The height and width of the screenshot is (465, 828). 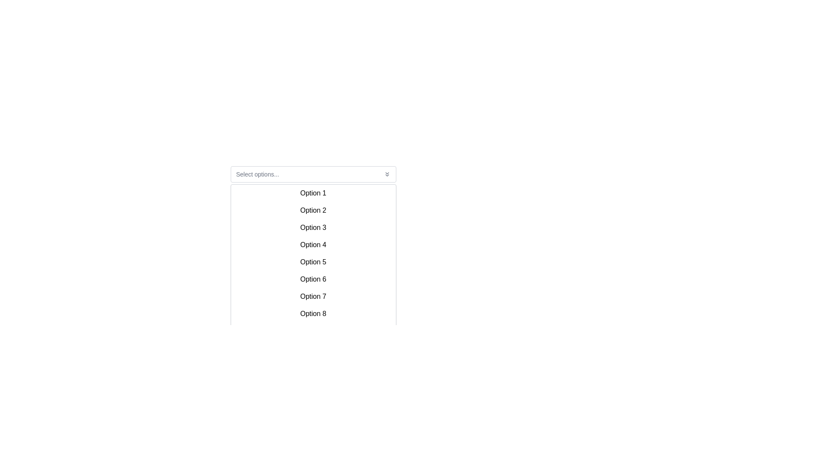 What do you see at coordinates (313, 227) in the screenshot?
I see `the menu item labeled 'Option 3'` at bounding box center [313, 227].